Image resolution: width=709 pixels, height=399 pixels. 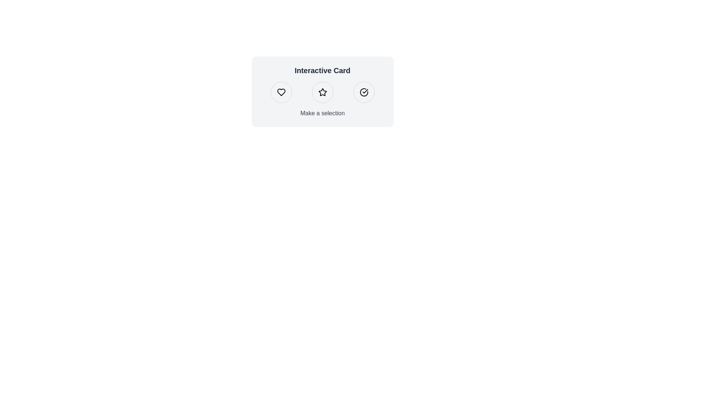 I want to click on the star-shaped icon button with a black outline, located in the center of a panel between a heart-shaped button and a checkmark button, so click(x=322, y=92).